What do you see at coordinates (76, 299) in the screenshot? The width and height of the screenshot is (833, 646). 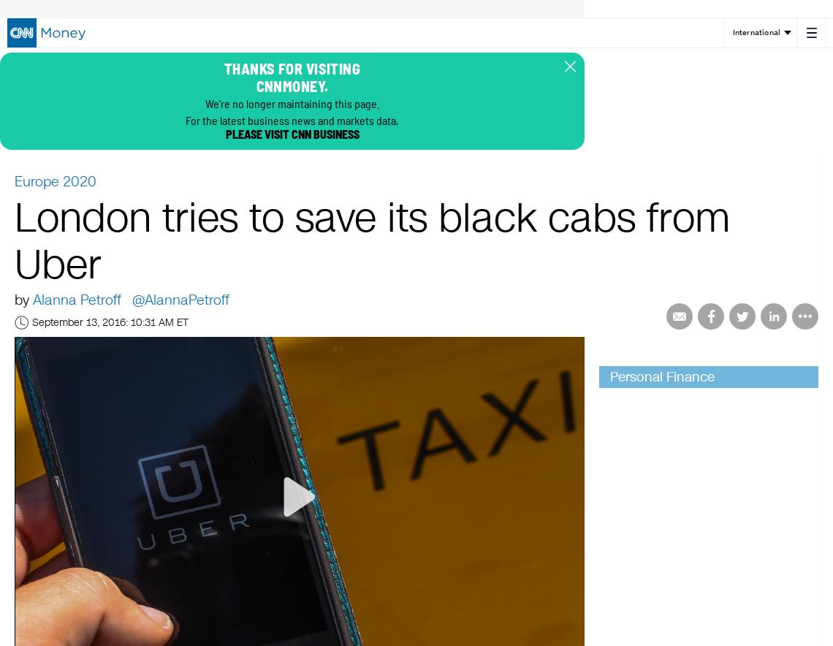 I see `'Alanna Petroff'` at bounding box center [76, 299].